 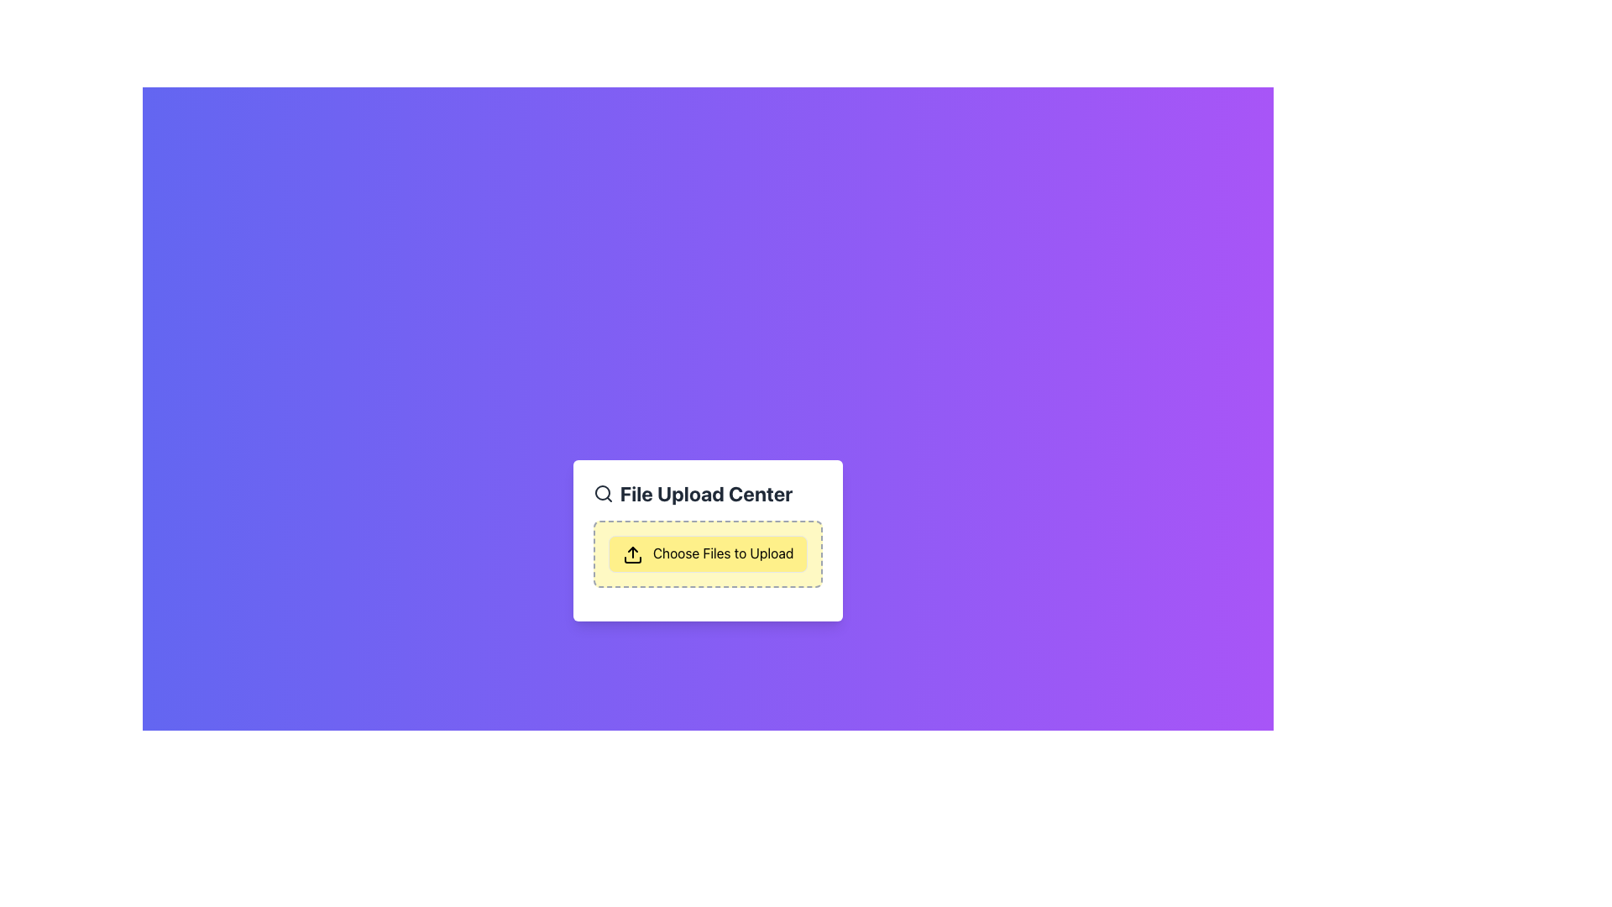 I want to click on the magnifying glass icon located to the left of the 'File Upload Center' text, so click(x=603, y=493).